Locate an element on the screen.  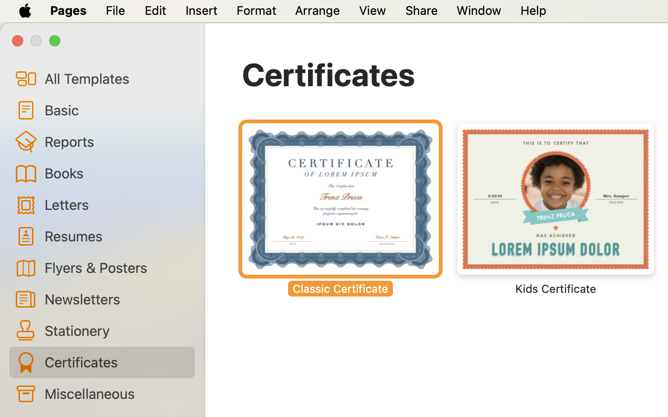
'Resumes' is located at coordinates (115, 235).